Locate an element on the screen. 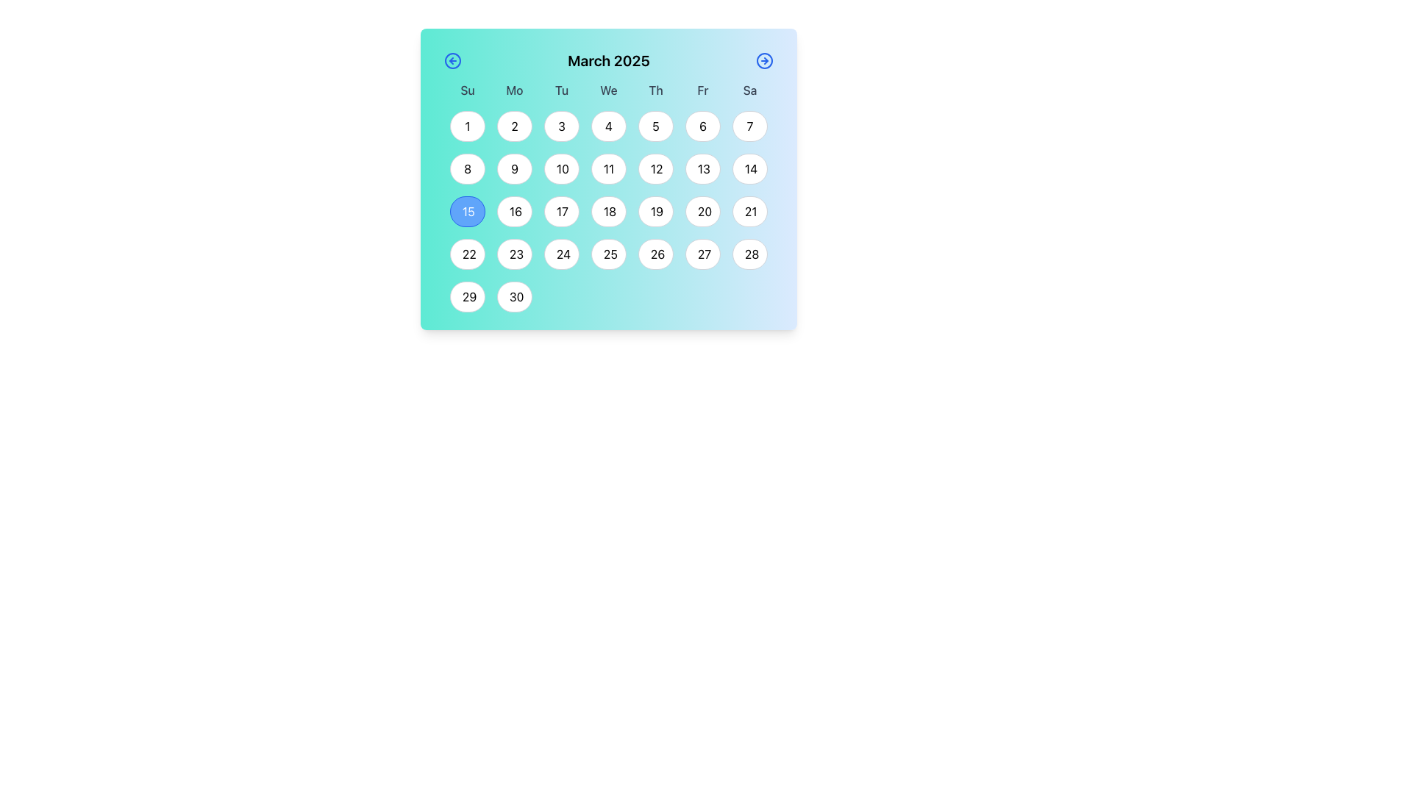 This screenshot has width=1412, height=794. the circular blue arrow icon in the top-right corner of the calendar interface is located at coordinates (765, 60).